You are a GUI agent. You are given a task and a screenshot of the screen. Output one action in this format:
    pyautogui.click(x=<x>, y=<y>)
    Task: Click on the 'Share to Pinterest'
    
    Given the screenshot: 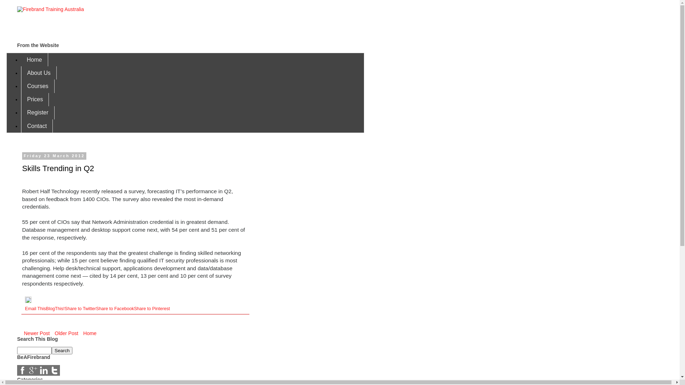 What is the action you would take?
    pyautogui.click(x=151, y=308)
    